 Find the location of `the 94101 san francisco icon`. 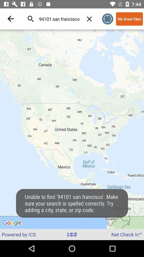

the 94101 san francisco icon is located at coordinates (59, 19).